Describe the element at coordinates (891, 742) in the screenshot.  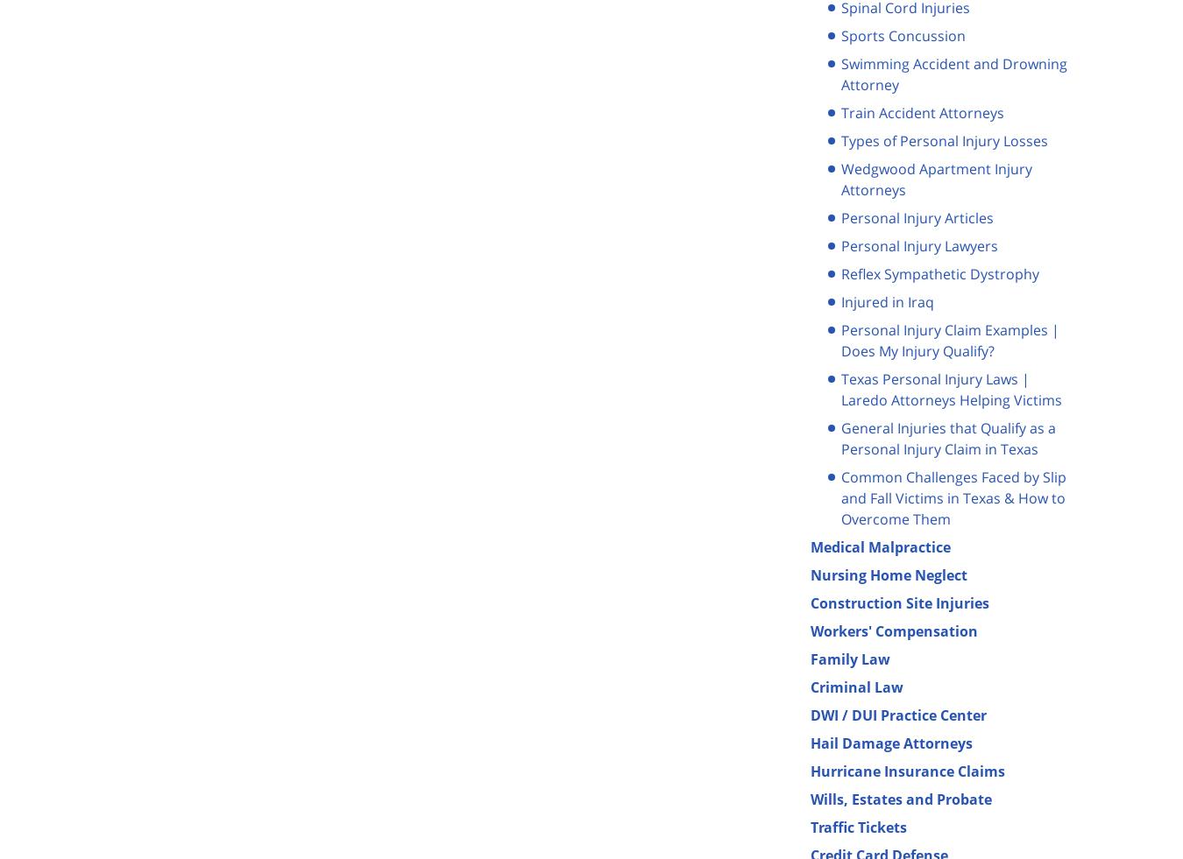
I see `'Hail Damage Attorneys'` at that location.